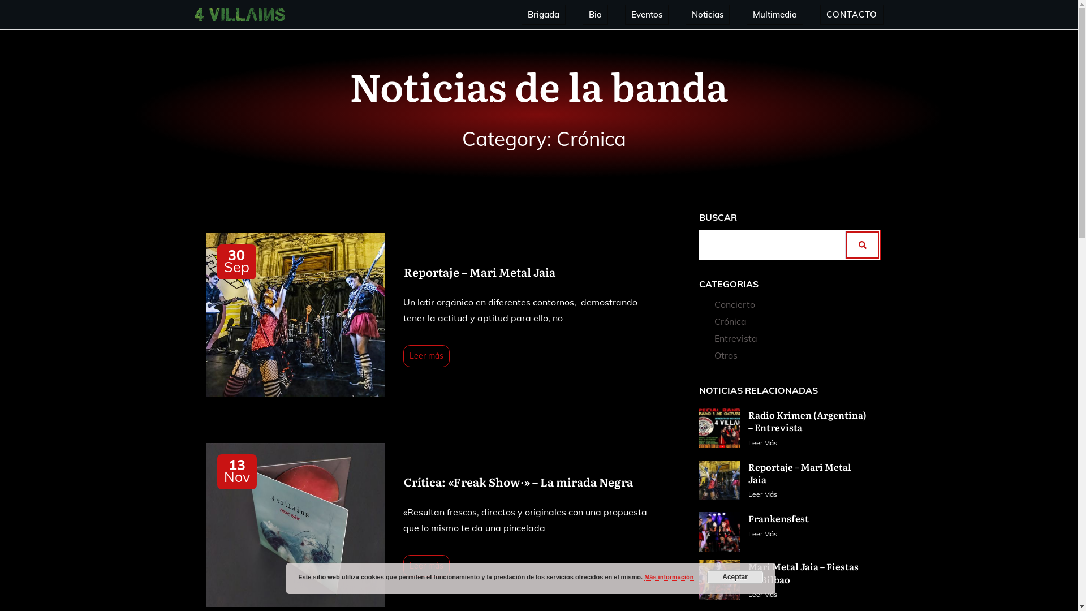 The image size is (1086, 611). What do you see at coordinates (713, 304) in the screenshot?
I see `'Concierto'` at bounding box center [713, 304].